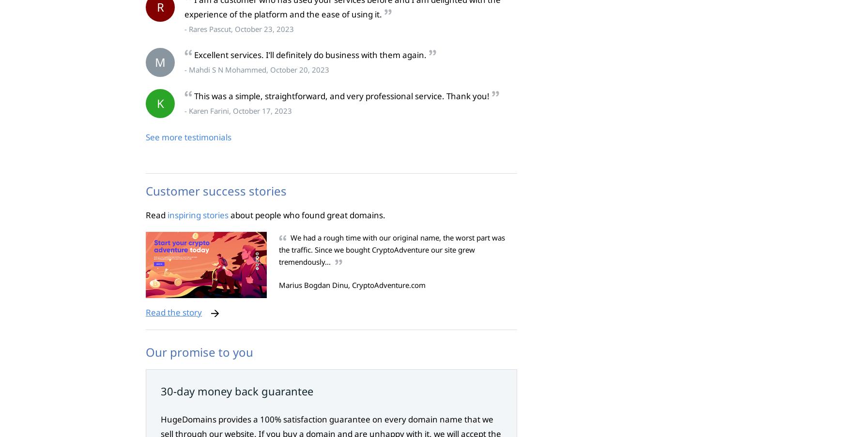 This screenshot has width=858, height=437. What do you see at coordinates (145, 190) in the screenshot?
I see `'Customer success stories'` at bounding box center [145, 190].